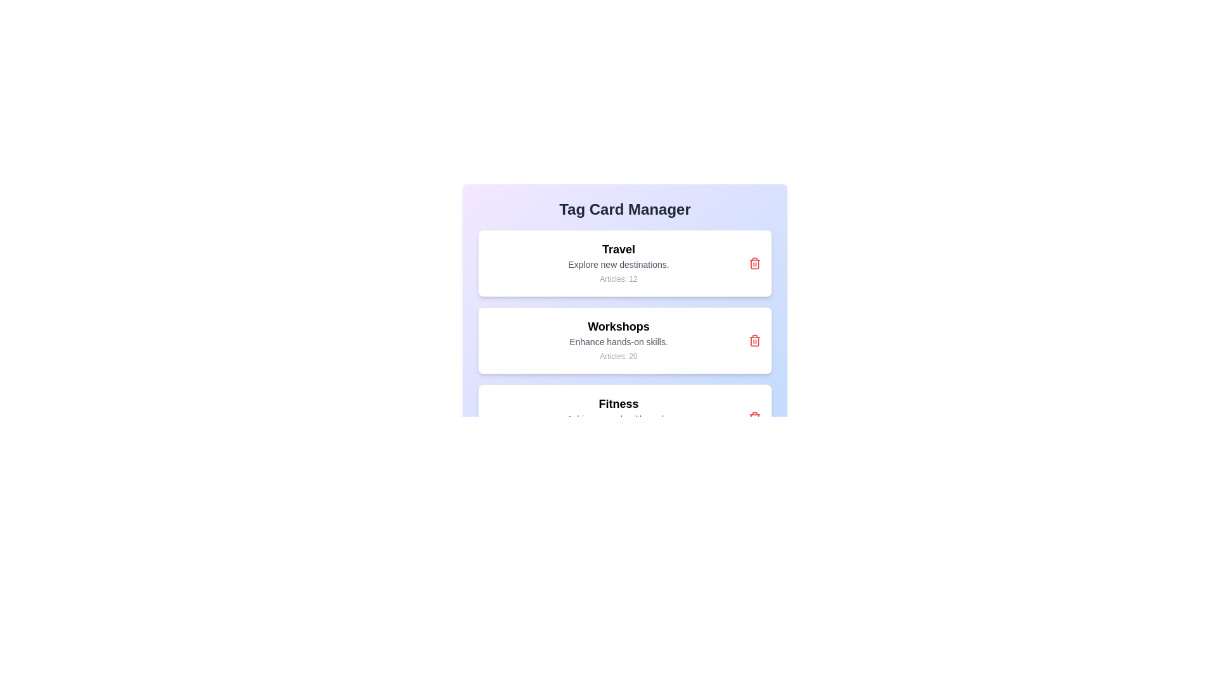  Describe the element at coordinates (754, 417) in the screenshot. I see `delete button for the tag labeled Fitness` at that location.